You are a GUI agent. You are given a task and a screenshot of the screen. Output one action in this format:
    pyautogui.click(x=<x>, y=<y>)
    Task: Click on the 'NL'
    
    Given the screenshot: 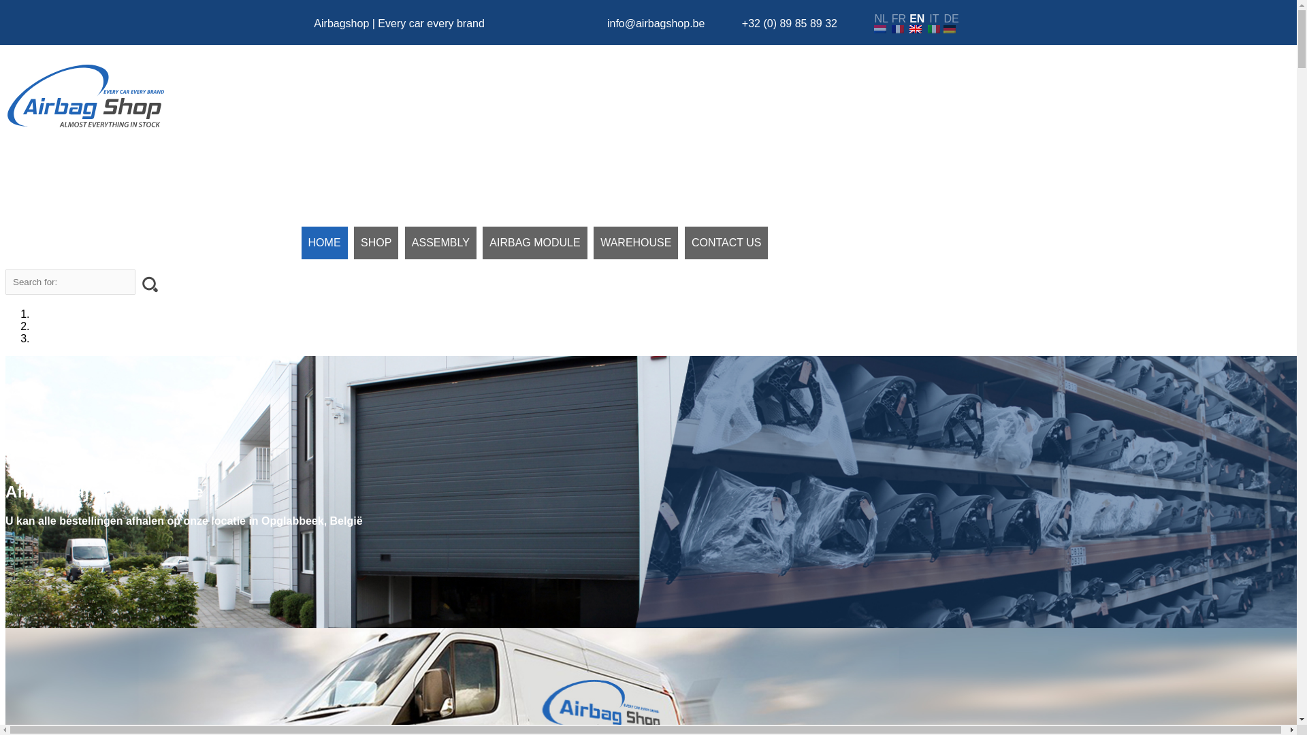 What is the action you would take?
    pyautogui.click(x=881, y=23)
    